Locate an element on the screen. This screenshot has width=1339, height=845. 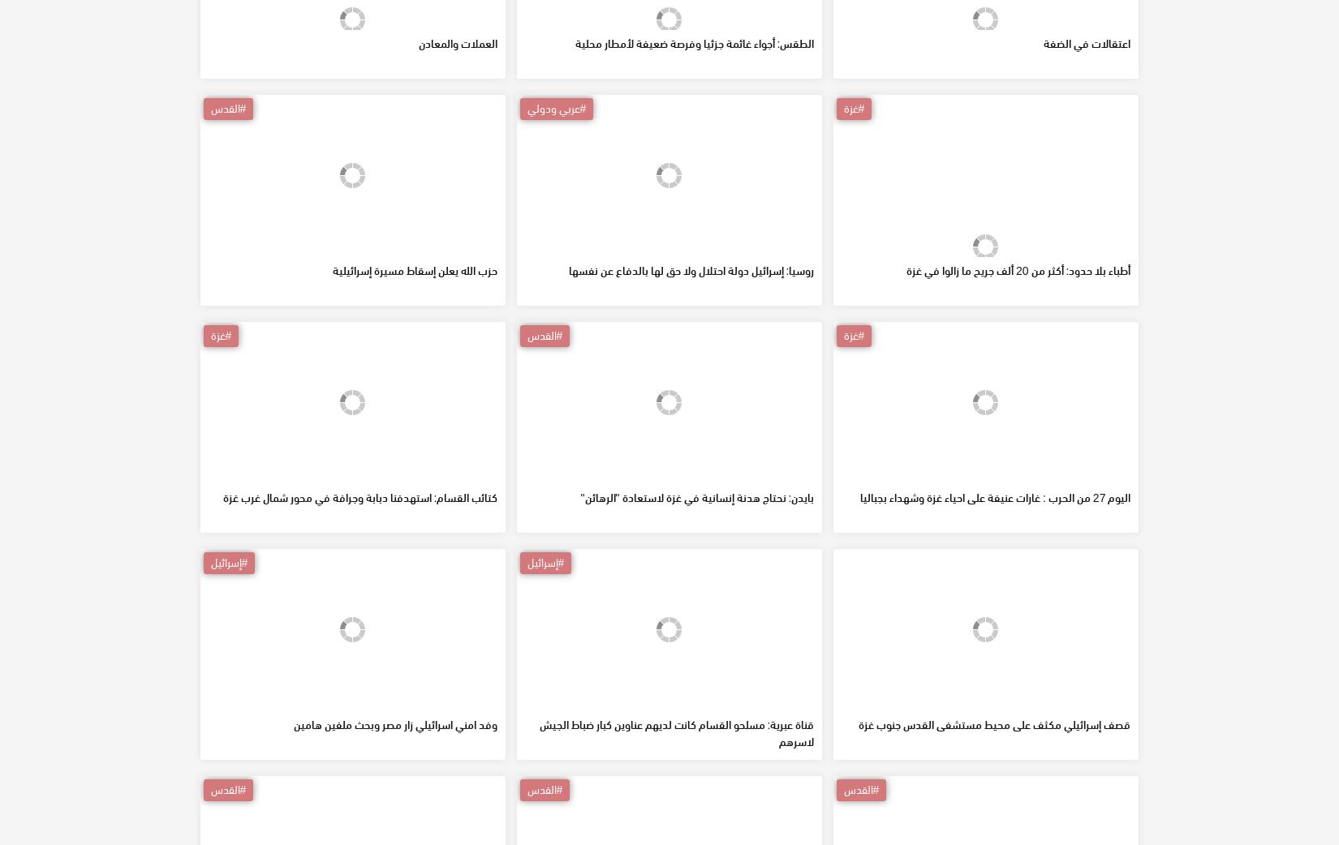
'#عربي ودولي' is located at coordinates (555, 225).